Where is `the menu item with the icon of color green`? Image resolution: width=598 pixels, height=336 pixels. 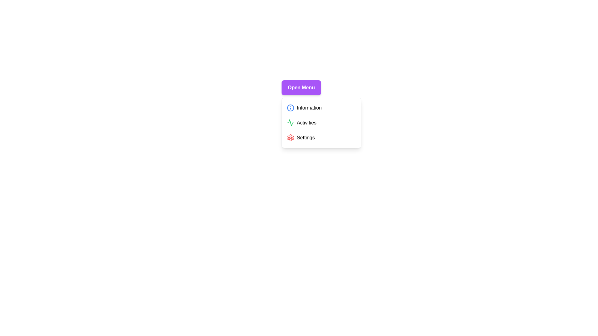
the menu item with the icon of color green is located at coordinates (290, 123).